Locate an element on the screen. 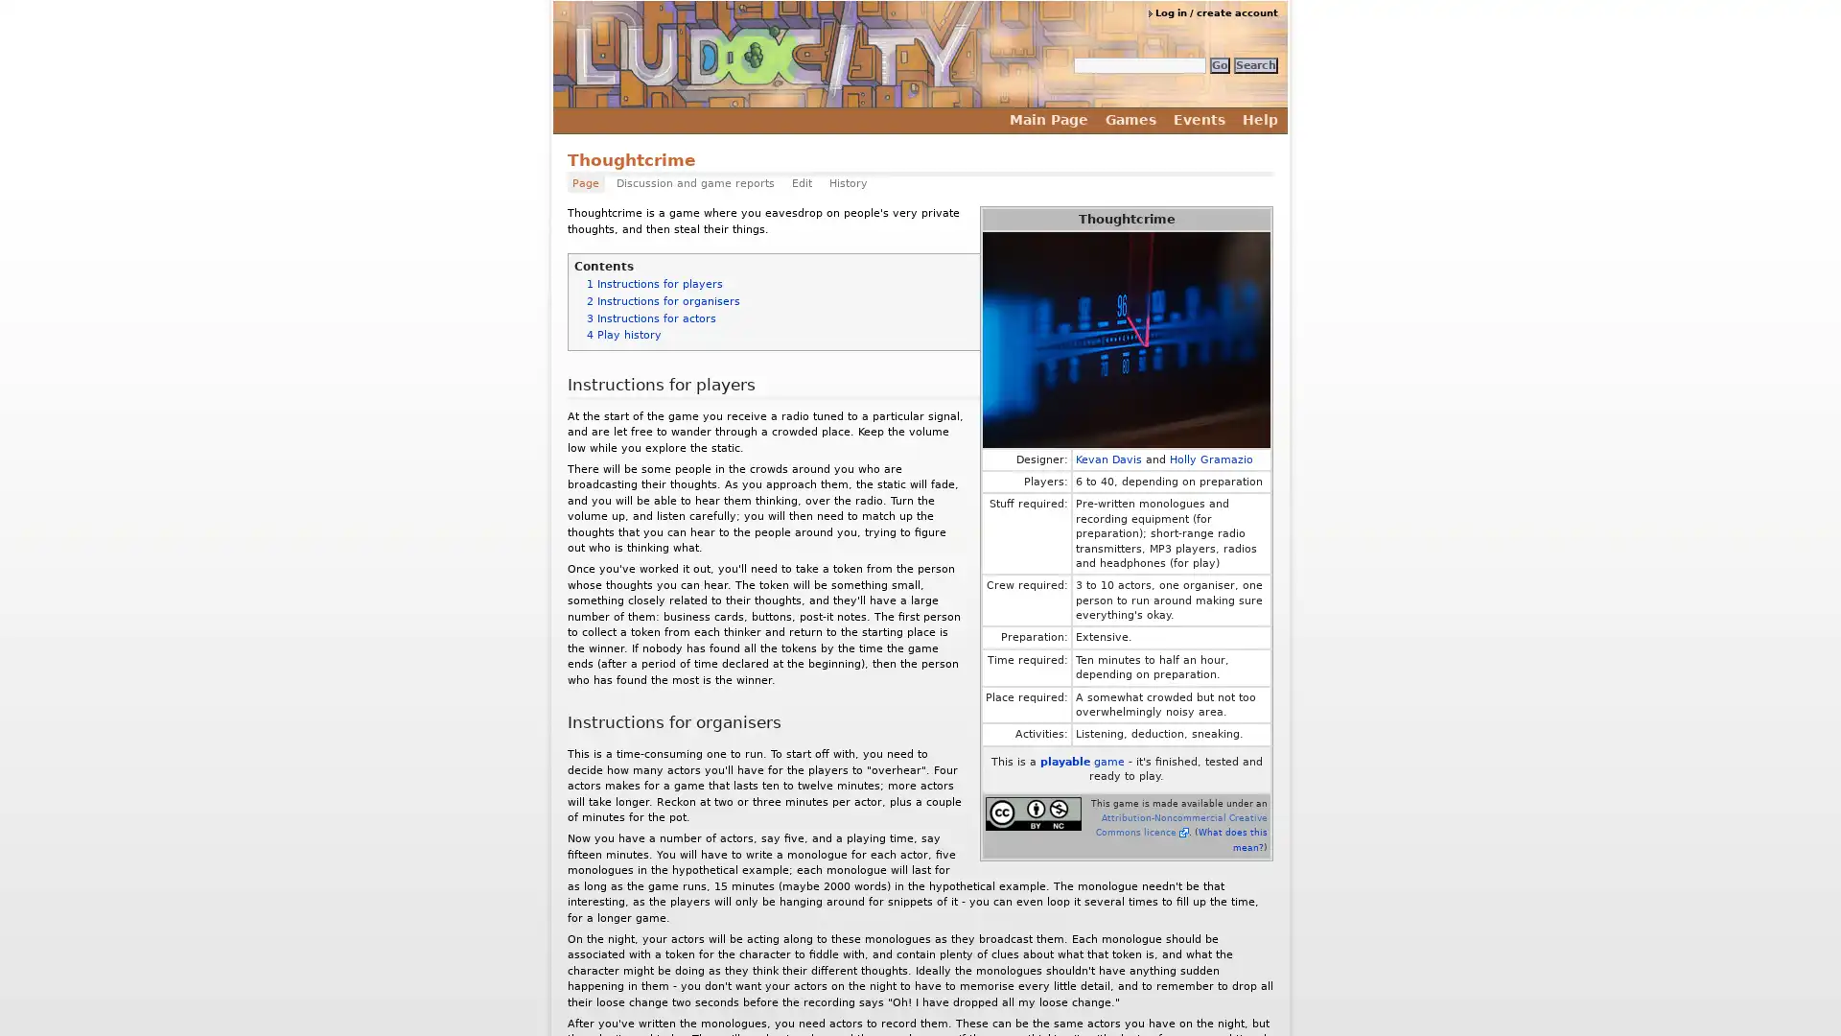  Go is located at coordinates (1219, 64).